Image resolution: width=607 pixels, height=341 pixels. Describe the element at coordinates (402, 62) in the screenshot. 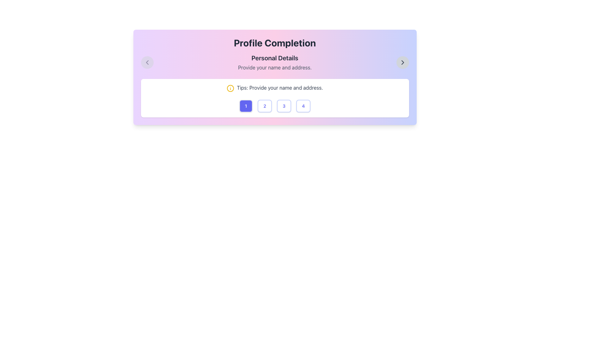

I see `the circular button with a gray background and a rightward-pointing chevron icon located in the top-right corner of the 'Personal Details' section` at that location.